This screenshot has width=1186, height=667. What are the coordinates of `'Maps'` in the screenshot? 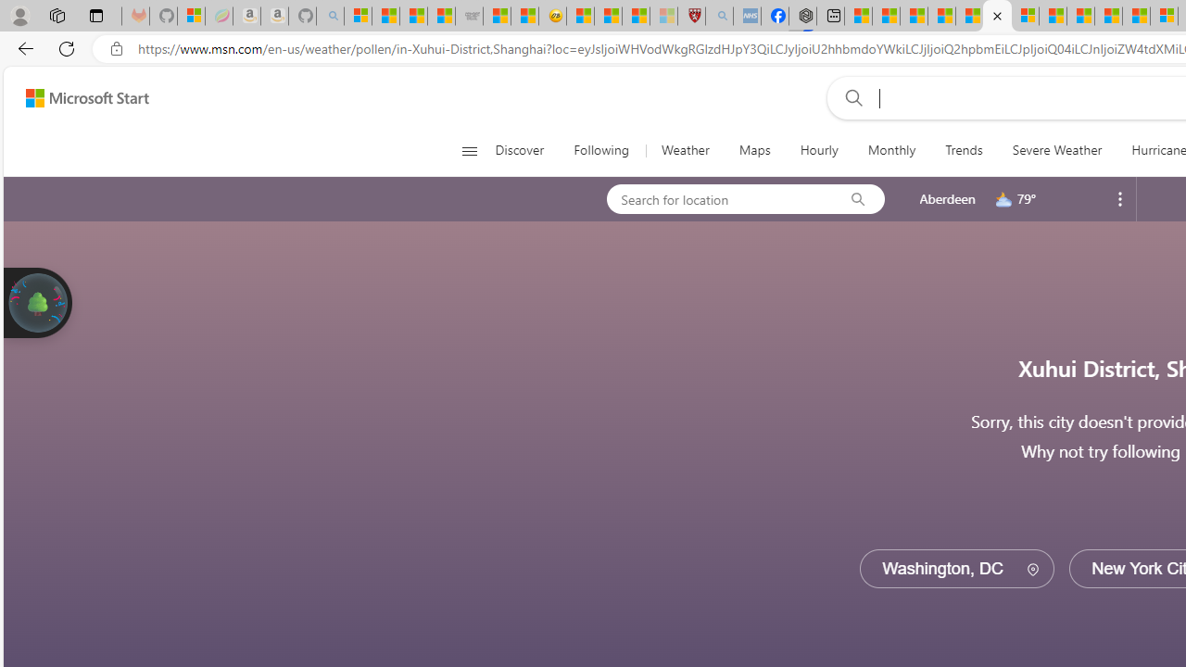 It's located at (754, 150).